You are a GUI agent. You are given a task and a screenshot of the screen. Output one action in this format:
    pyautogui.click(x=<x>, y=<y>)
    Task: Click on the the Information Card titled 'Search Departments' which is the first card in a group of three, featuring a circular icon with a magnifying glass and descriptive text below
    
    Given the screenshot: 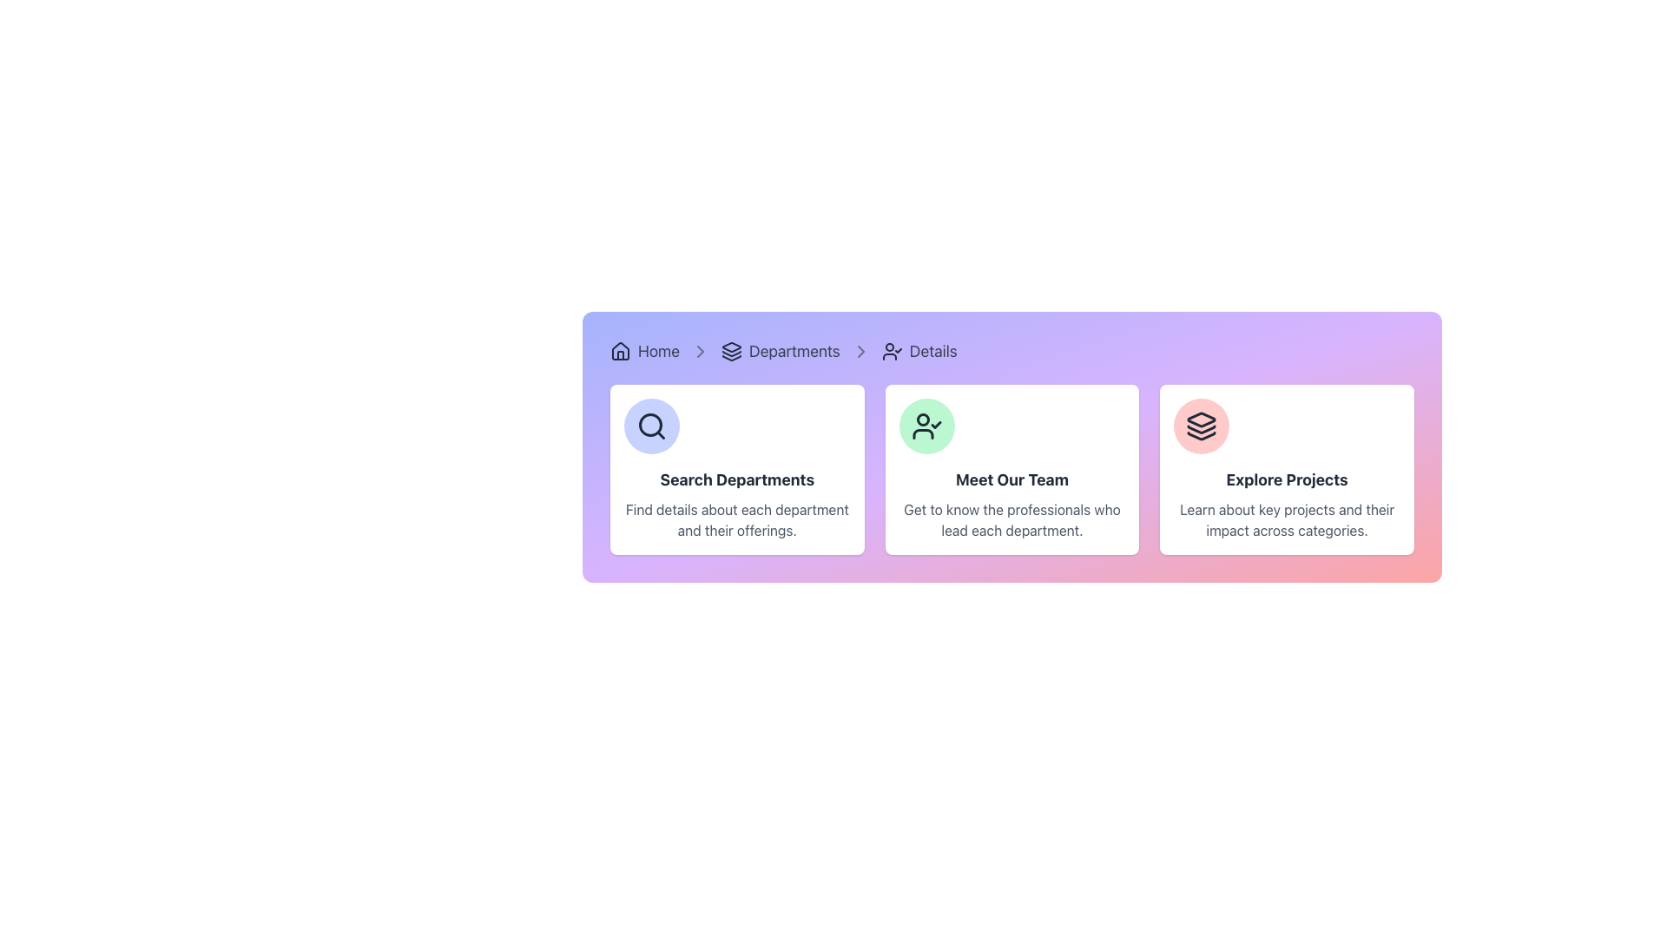 What is the action you would take?
    pyautogui.click(x=737, y=469)
    